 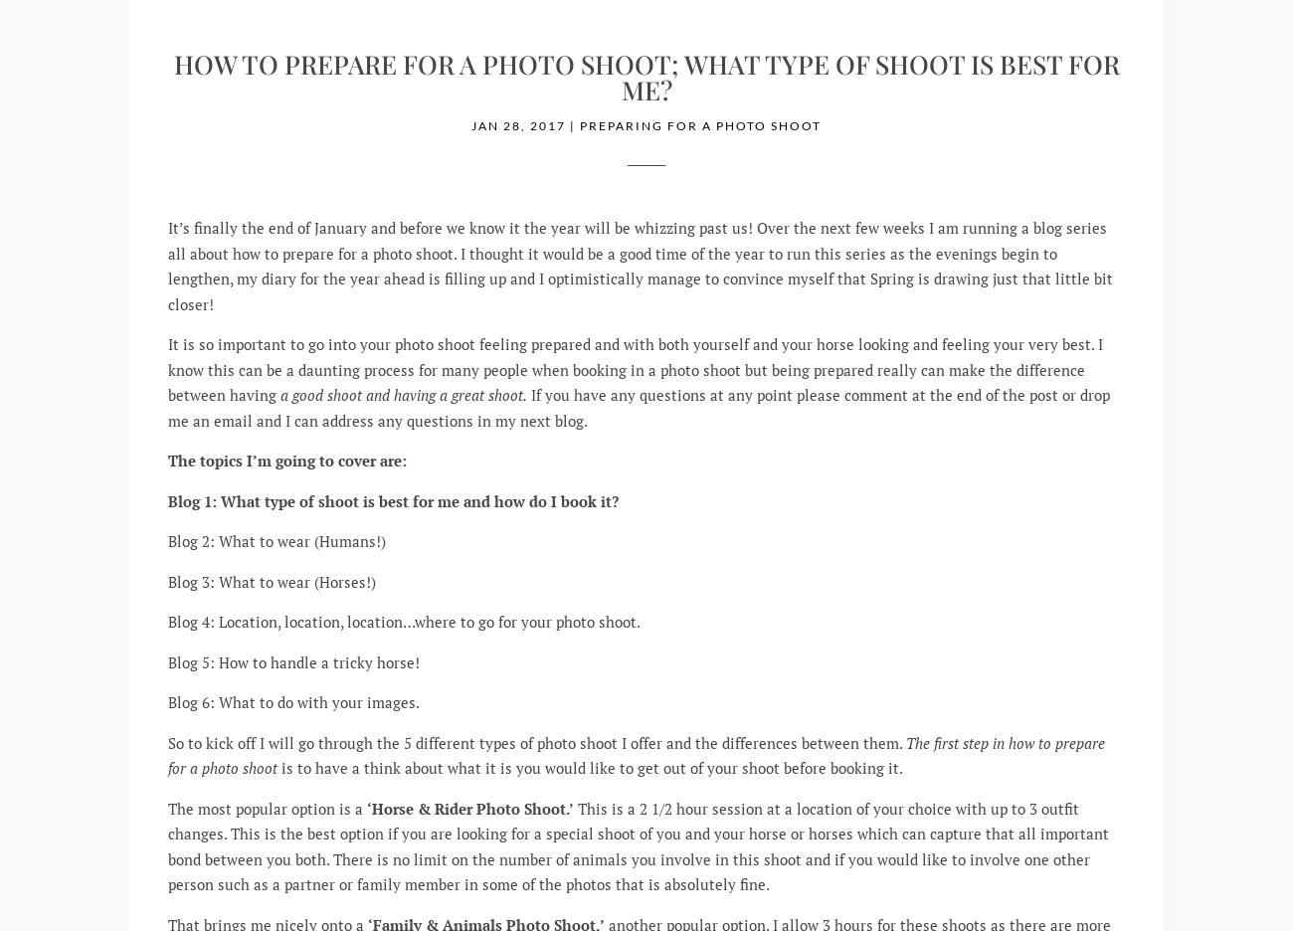 I want to click on '‘Horse & Rider Photo Shoot.’', so click(x=365, y=806).